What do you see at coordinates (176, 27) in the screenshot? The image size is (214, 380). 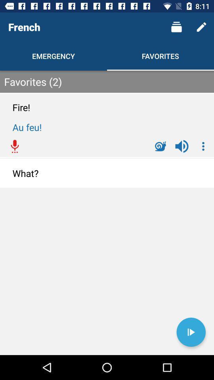 I see `the icon to the right of the french` at bounding box center [176, 27].